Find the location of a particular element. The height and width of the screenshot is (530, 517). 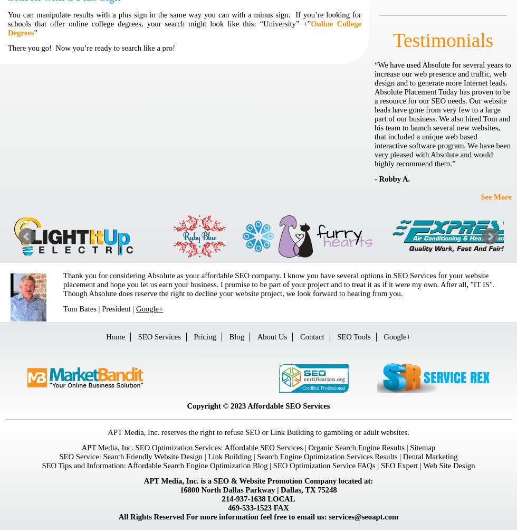

'APT Media, Inc. SEO Optimization Services:' is located at coordinates (152, 447).